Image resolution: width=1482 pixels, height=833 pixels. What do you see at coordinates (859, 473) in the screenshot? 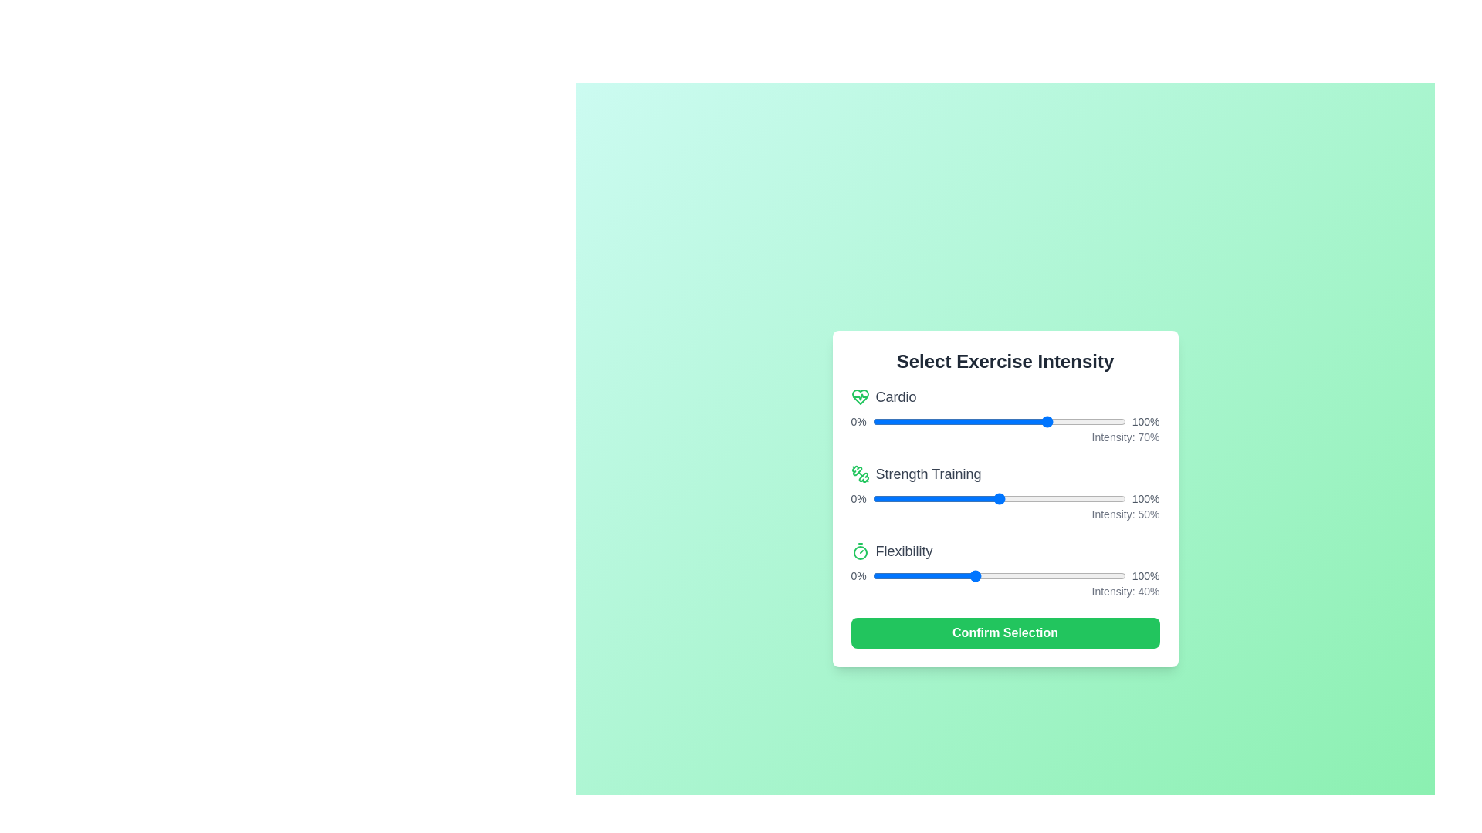
I see `the icon representing Strength Training to inspect it` at bounding box center [859, 473].